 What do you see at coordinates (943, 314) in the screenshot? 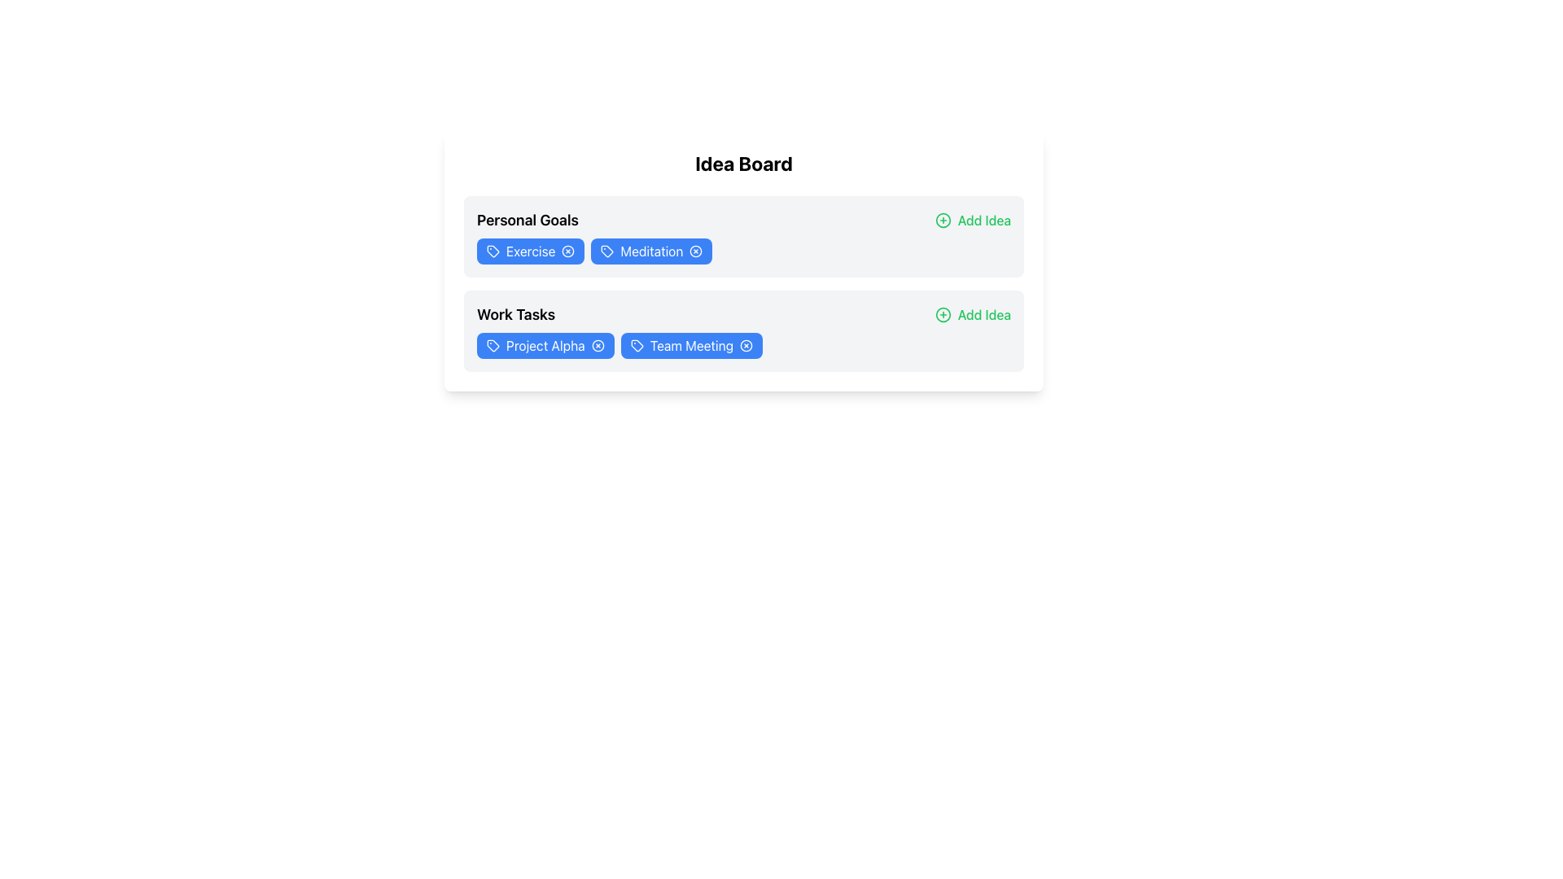
I see `the small circle within the plus sign icon located to the right of the 'Work Tasks' section, aligning with the 'Add Idea' text` at bounding box center [943, 314].